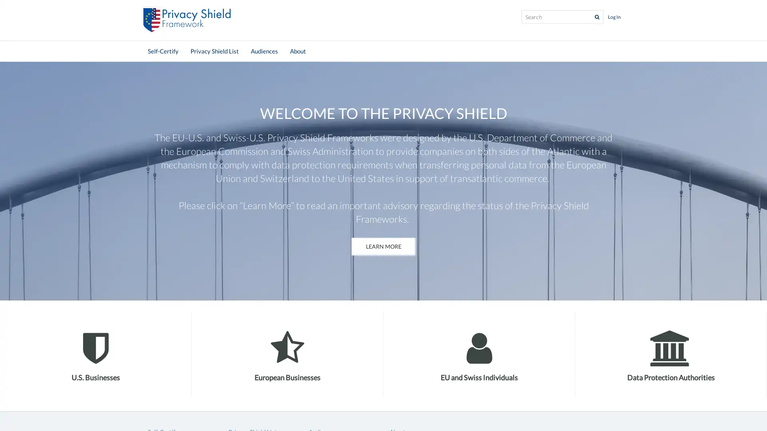 The height and width of the screenshot is (431, 767). Describe the element at coordinates (614, 17) in the screenshot. I see `Log In` at that location.